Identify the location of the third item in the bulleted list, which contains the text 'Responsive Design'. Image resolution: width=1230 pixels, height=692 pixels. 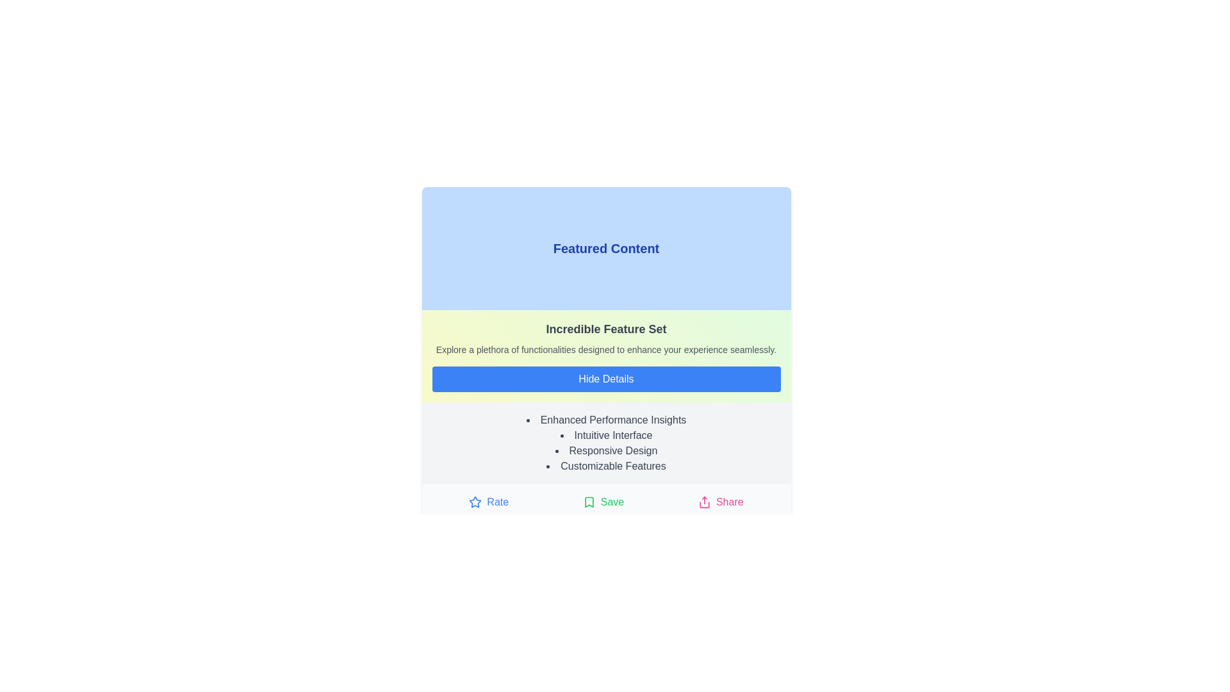
(605, 450).